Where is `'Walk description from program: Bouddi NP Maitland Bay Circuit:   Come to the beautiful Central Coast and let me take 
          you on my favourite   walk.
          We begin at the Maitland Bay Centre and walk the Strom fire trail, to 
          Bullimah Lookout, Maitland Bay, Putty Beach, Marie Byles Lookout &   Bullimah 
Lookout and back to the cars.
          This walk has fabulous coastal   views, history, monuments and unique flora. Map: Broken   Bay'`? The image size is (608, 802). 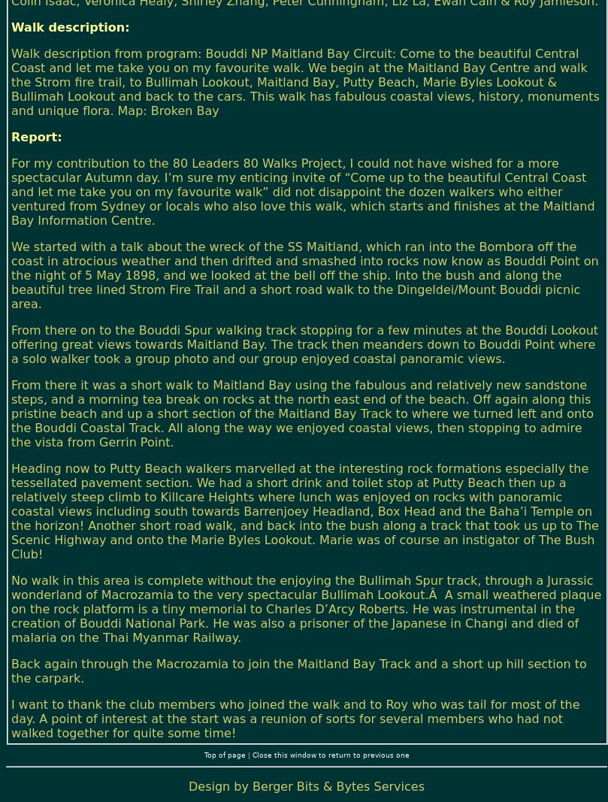 'Walk description from program: Bouddi NP Maitland Bay Circuit:   Come to the beautiful Central Coast and let me take 
          you on my favourite   walk.
          We begin at the Maitland Bay Centre and walk the Strom fire trail, to 
          Bullimah Lookout, Maitland Bay, Putty Beach, Marie Byles Lookout &   Bullimah 
Lookout and back to the cars.
          This walk has fabulous coastal   views, history, monuments and unique flora. Map: Broken   Bay' is located at coordinates (11, 80).